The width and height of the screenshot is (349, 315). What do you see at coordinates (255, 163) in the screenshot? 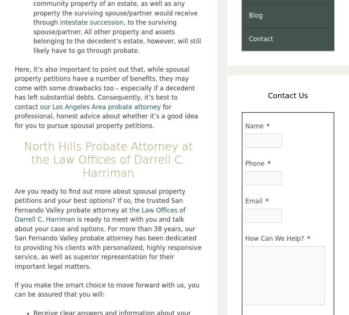
I see `'Phone'` at bounding box center [255, 163].